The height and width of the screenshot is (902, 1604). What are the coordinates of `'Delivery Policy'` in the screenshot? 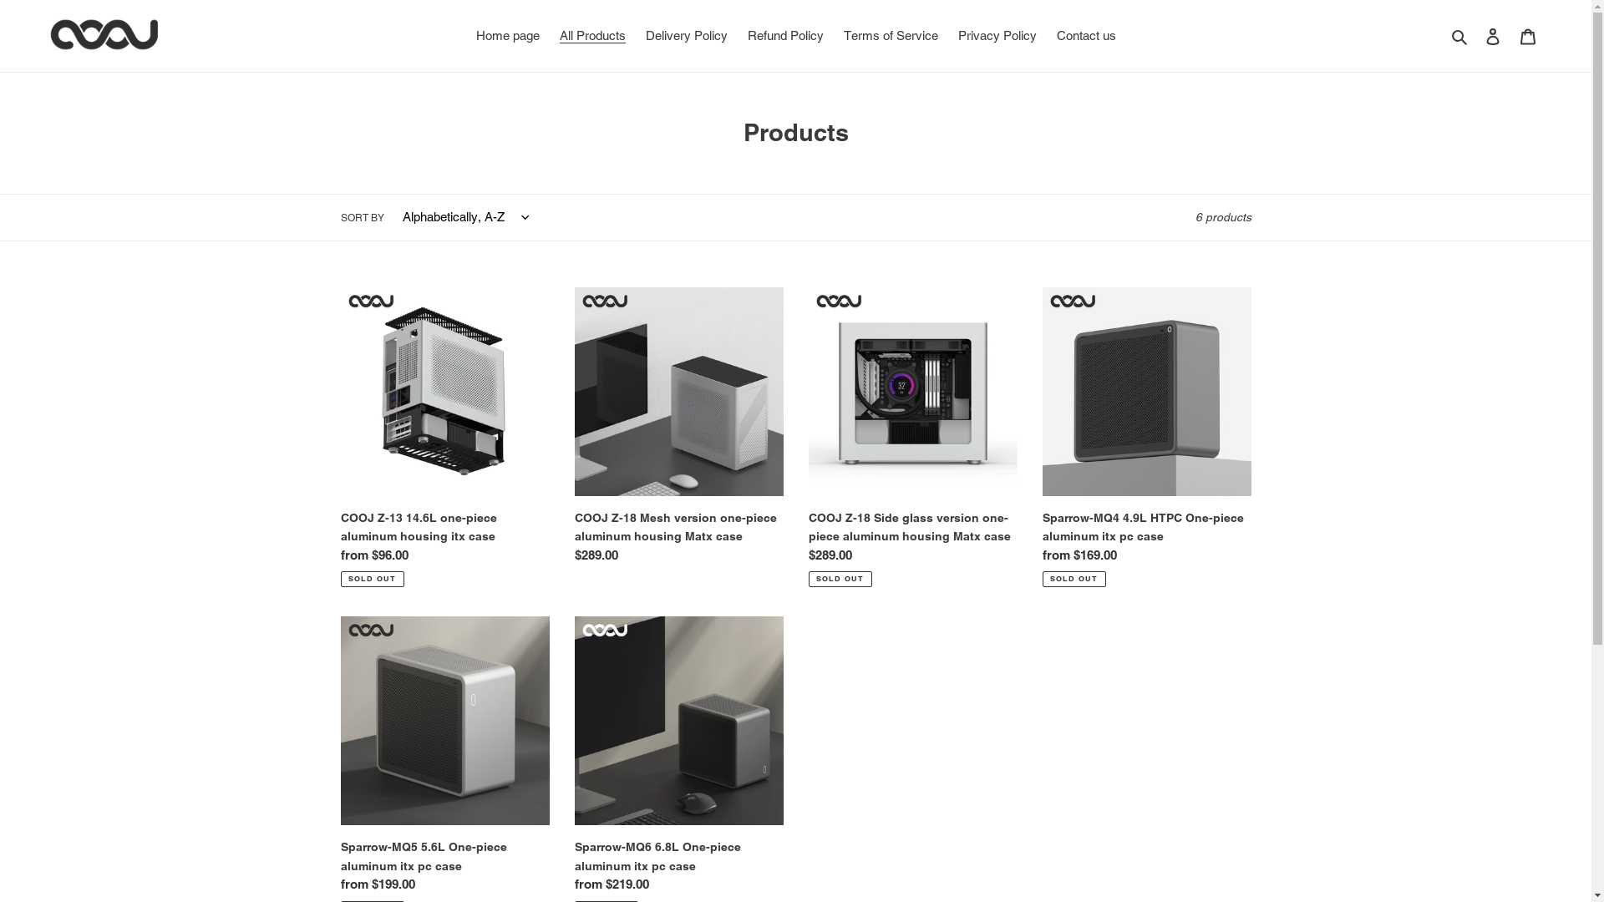 It's located at (685, 36).